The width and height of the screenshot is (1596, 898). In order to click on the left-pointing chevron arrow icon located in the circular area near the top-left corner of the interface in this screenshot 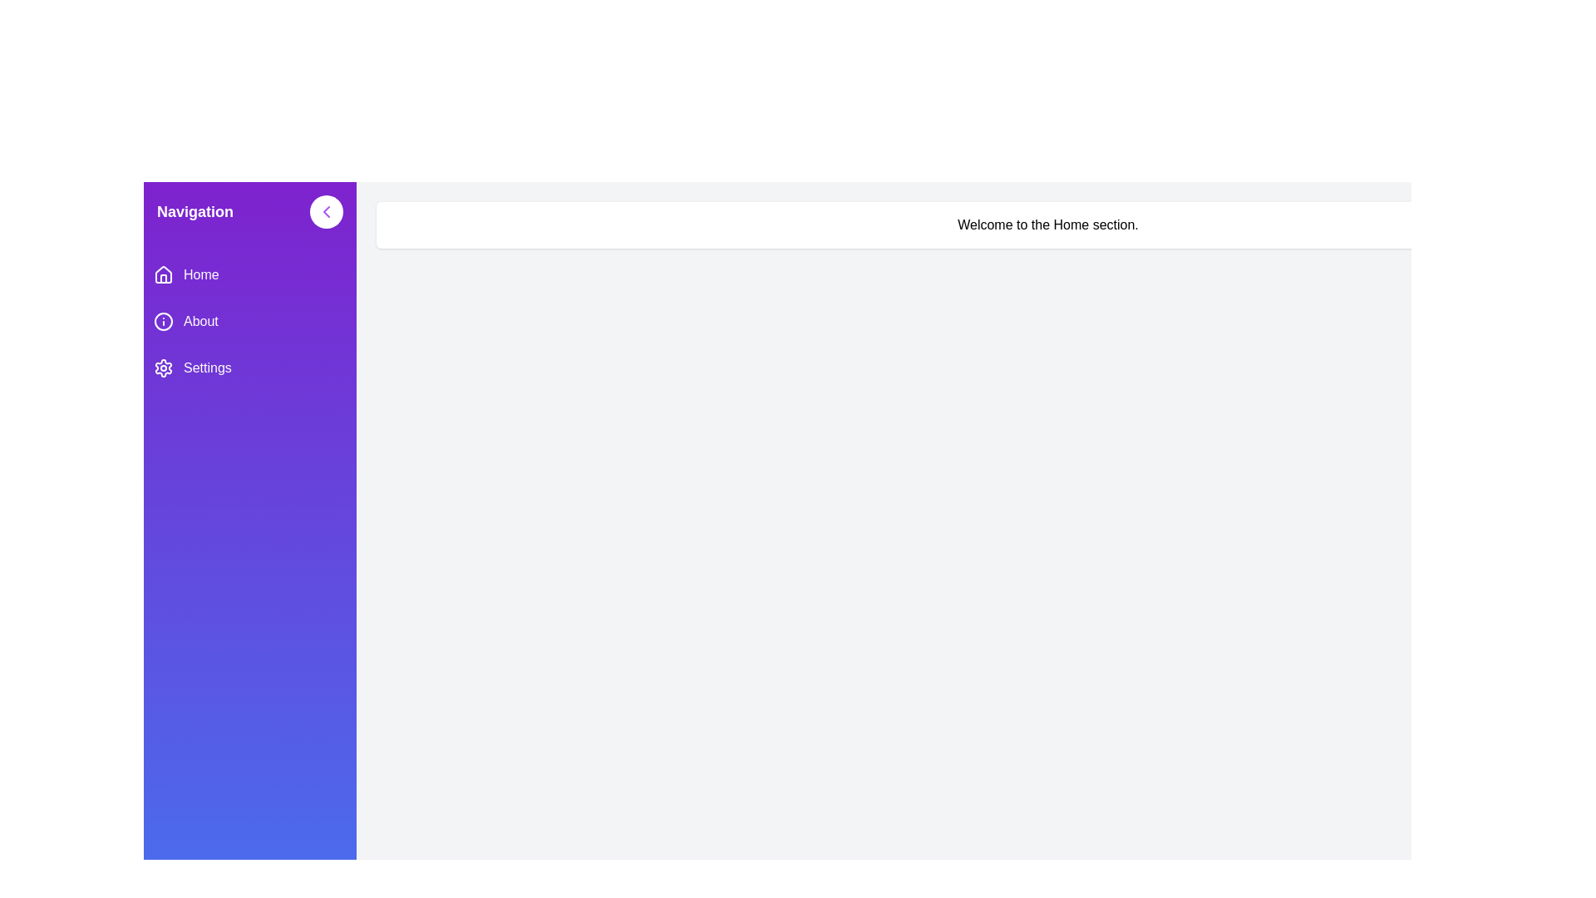, I will do `click(327, 210)`.